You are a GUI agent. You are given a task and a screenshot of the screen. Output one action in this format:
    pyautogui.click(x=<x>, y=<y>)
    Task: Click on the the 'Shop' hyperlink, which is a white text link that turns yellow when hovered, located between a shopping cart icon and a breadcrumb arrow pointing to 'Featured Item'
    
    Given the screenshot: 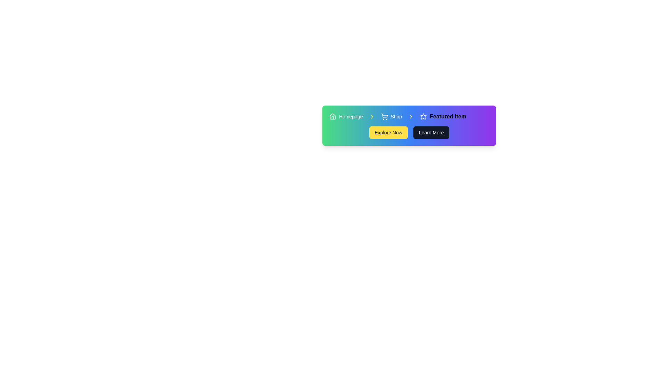 What is the action you would take?
    pyautogui.click(x=396, y=116)
    